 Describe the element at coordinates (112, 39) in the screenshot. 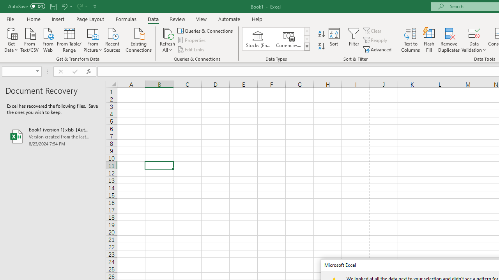

I see `'Recent Sources'` at that location.